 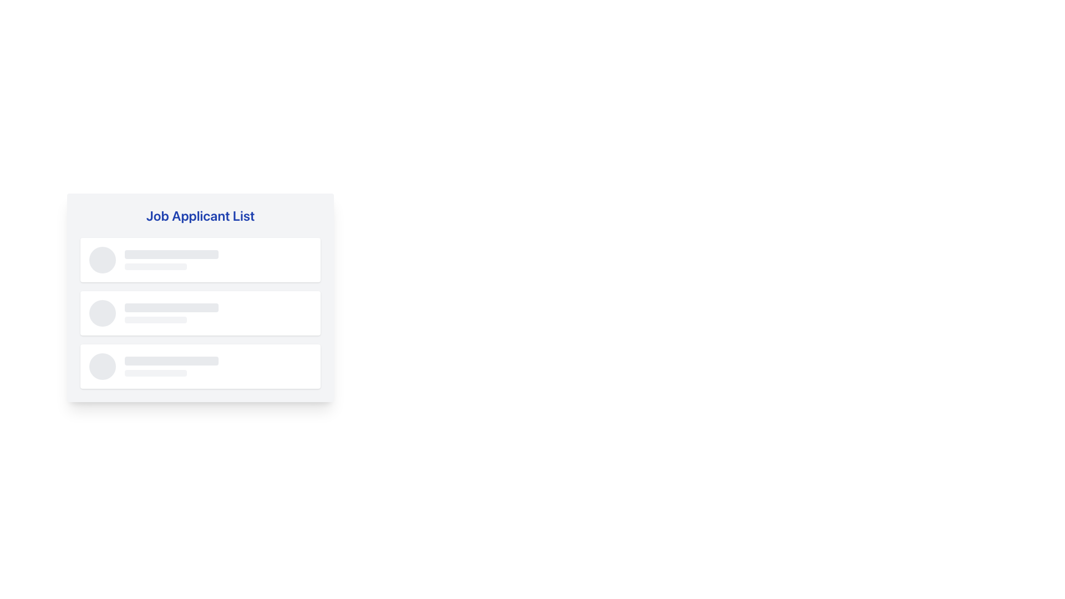 I want to click on the topmost List Item Placeholder in the Job Applicant List, which serves as a skeleton for a list item while data is loading, so click(x=200, y=260).